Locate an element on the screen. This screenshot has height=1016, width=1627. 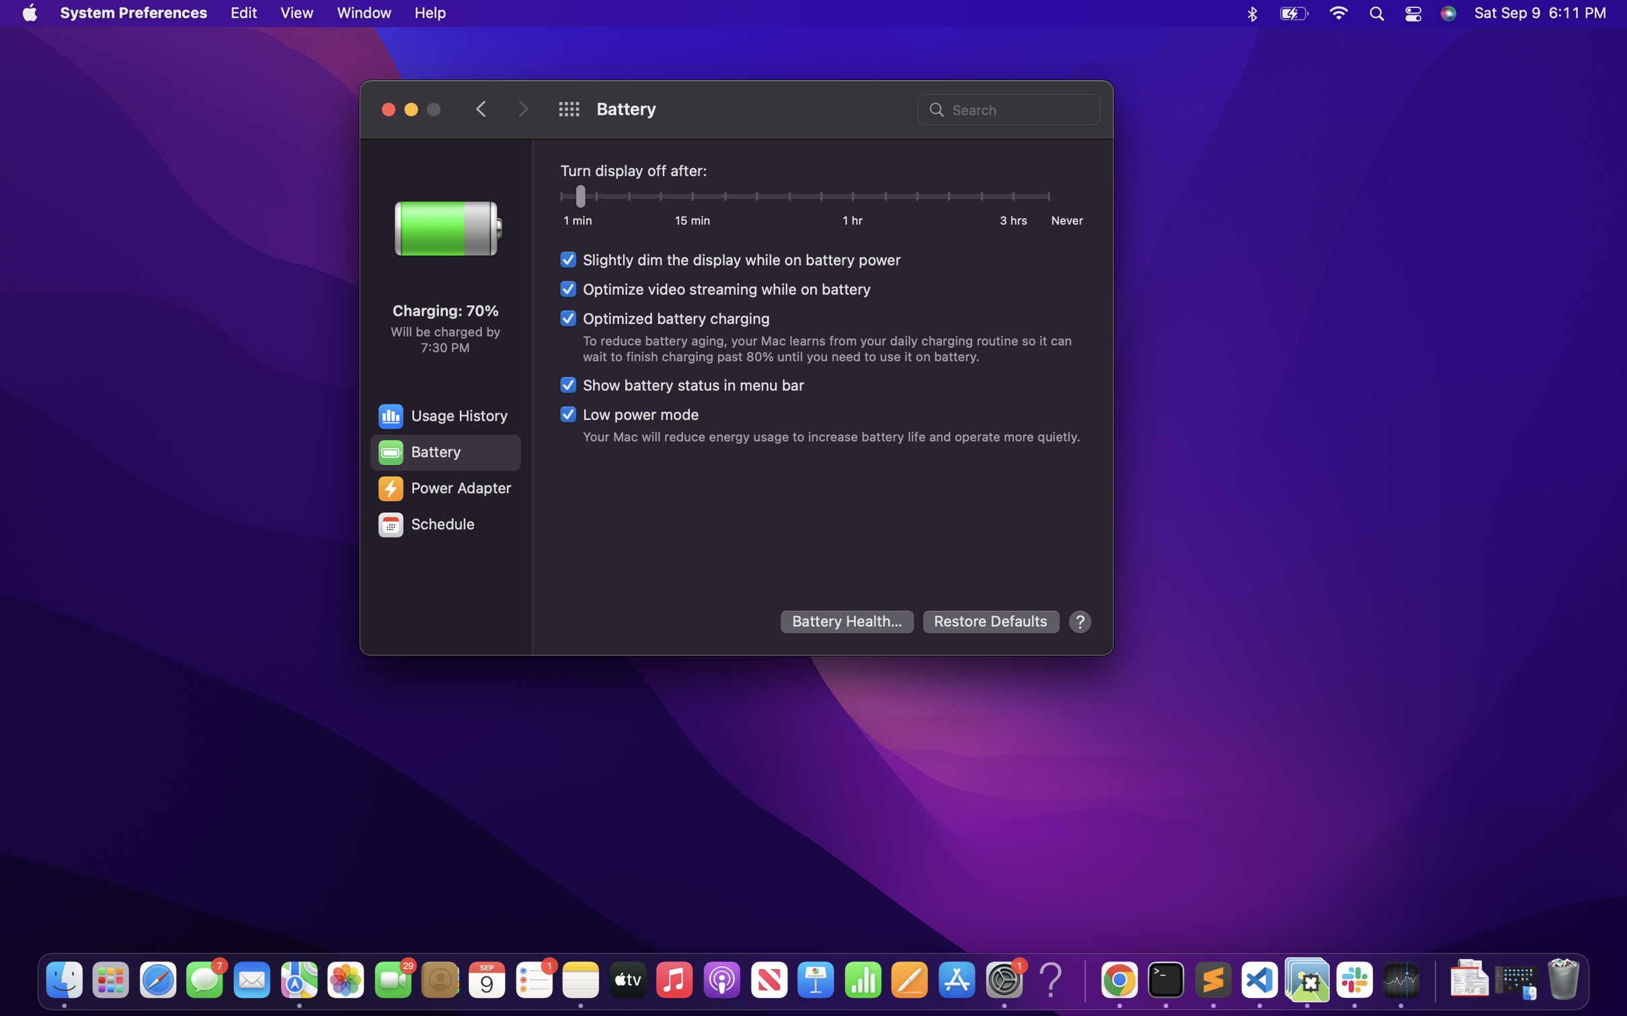
Pick the option to set up the start time for your Mac is located at coordinates (444, 525).